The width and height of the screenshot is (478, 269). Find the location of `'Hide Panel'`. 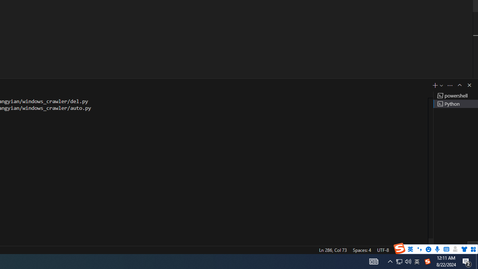

'Hide Panel' is located at coordinates (469, 84).